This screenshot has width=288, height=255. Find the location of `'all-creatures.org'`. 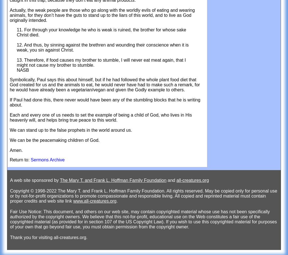

'all-creatures.org' is located at coordinates (192, 180).